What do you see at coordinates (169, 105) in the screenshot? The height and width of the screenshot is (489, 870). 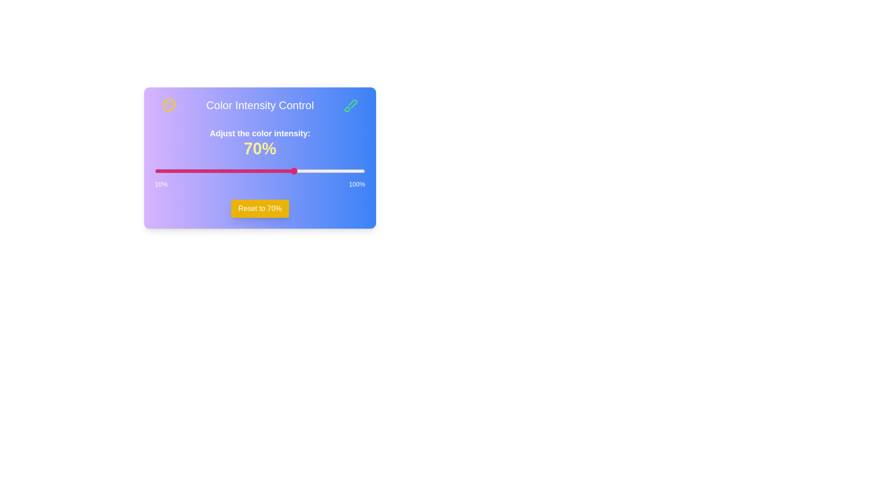 I see `the palette icon to interact with it` at bounding box center [169, 105].